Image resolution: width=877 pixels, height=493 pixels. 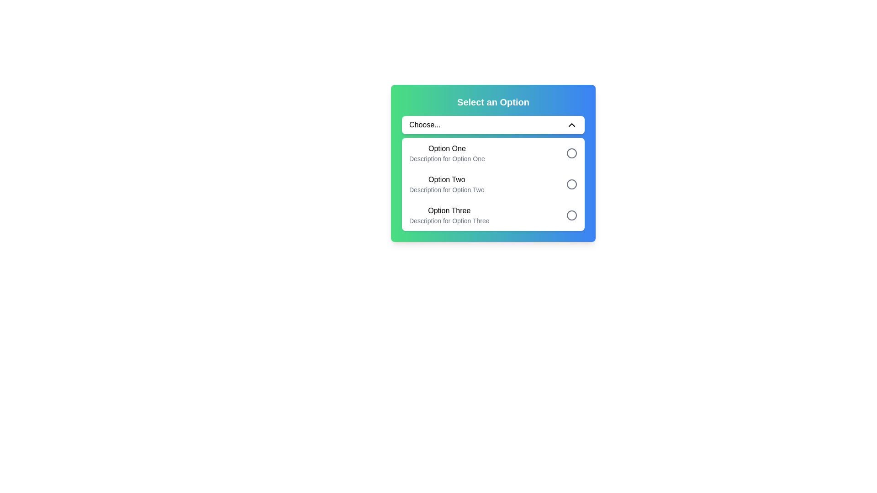 What do you see at coordinates (449, 215) in the screenshot?
I see `the list item displaying 'Option Three'` at bounding box center [449, 215].